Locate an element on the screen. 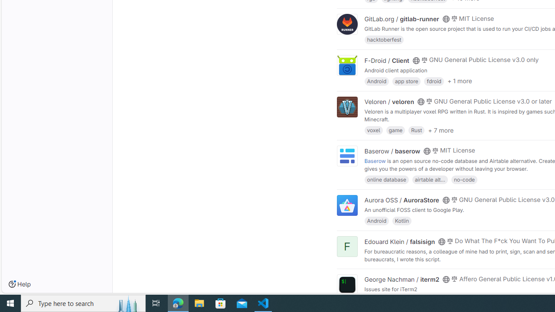  '+ 1 more' is located at coordinates (459, 81).